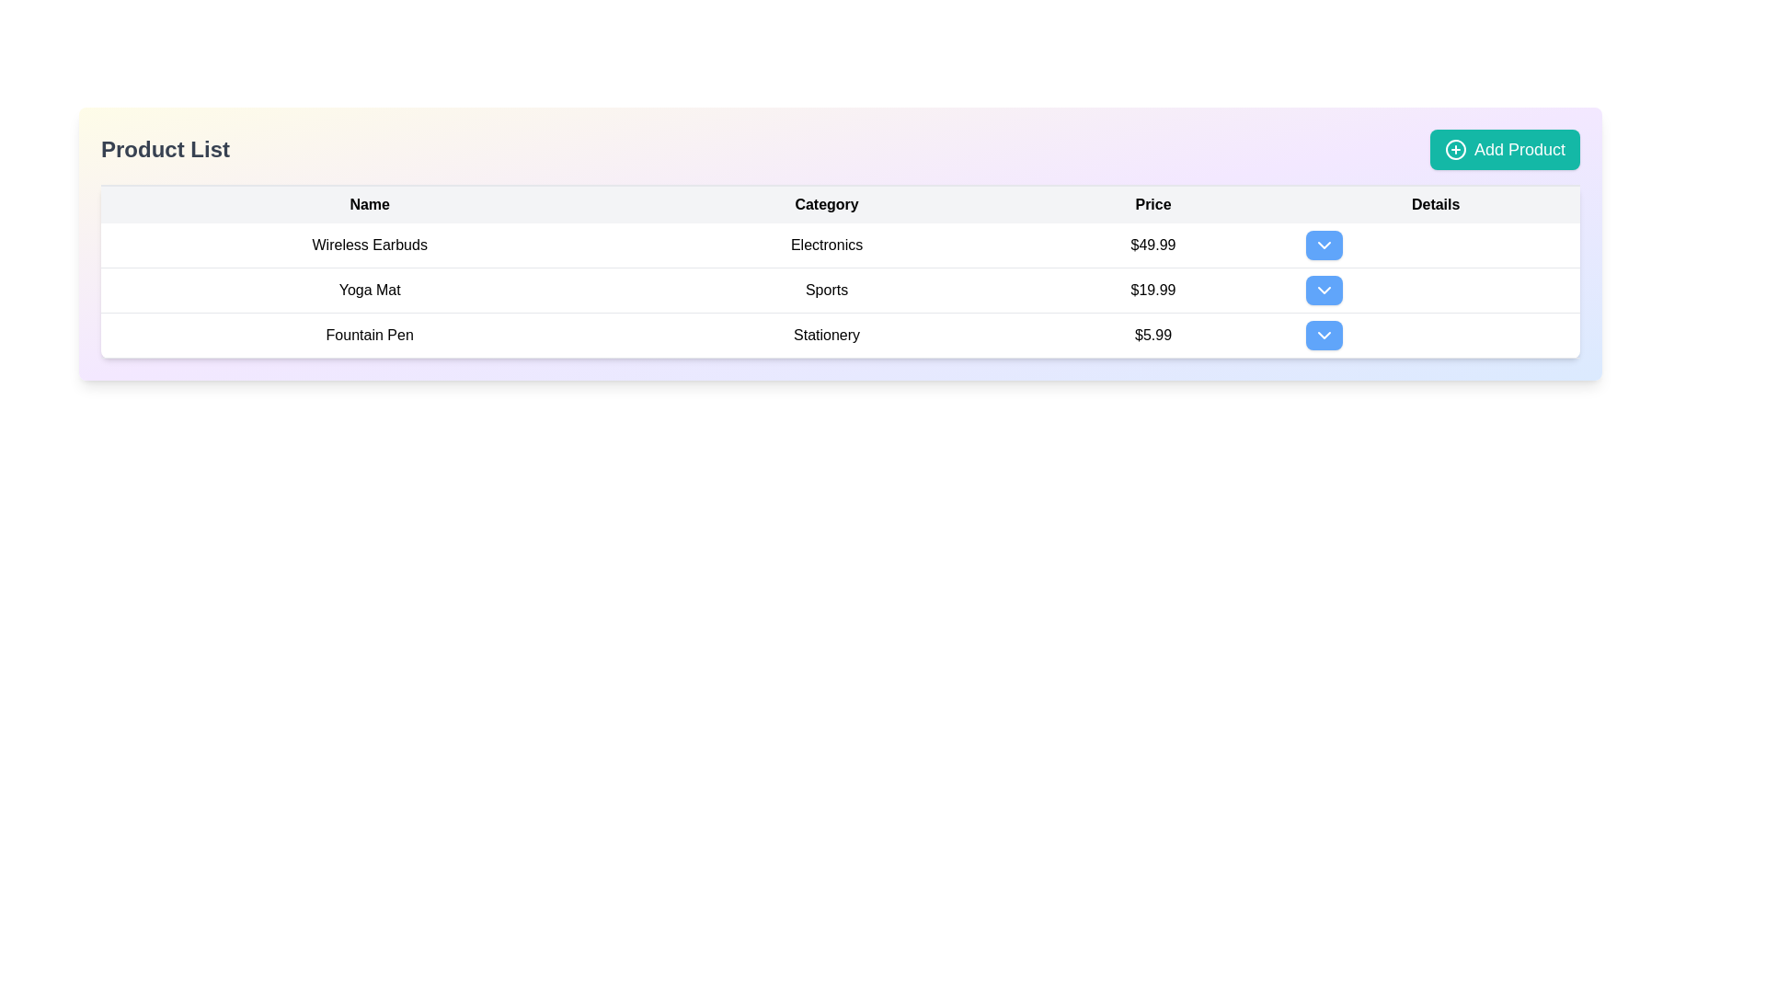  What do you see at coordinates (1152, 290) in the screenshot?
I see `text of the price information label located in the second row of the table, under the 'Price' column, adjacent to the 'Yoga Mat' in the 'Name' column and 'Sports' in the 'Category' column` at bounding box center [1152, 290].